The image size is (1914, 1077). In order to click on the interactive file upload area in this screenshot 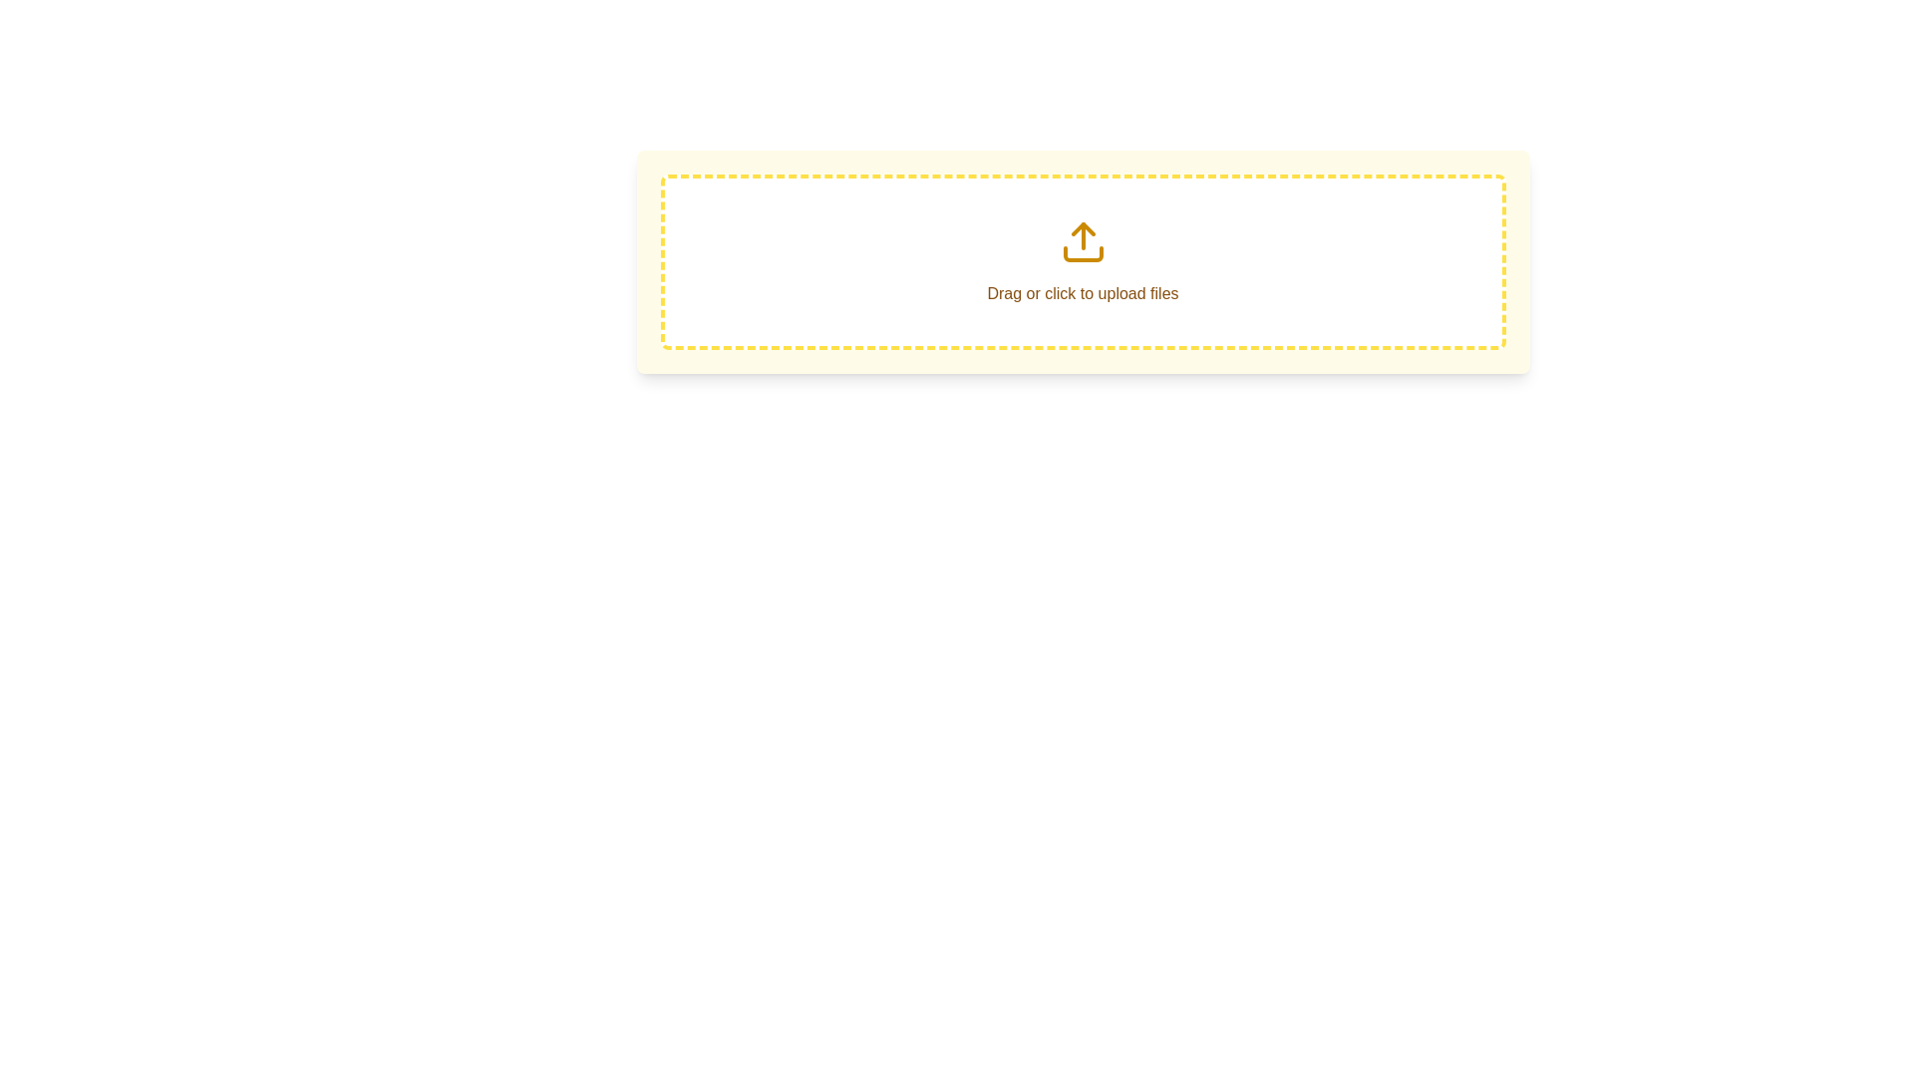, I will do `click(1082, 260)`.